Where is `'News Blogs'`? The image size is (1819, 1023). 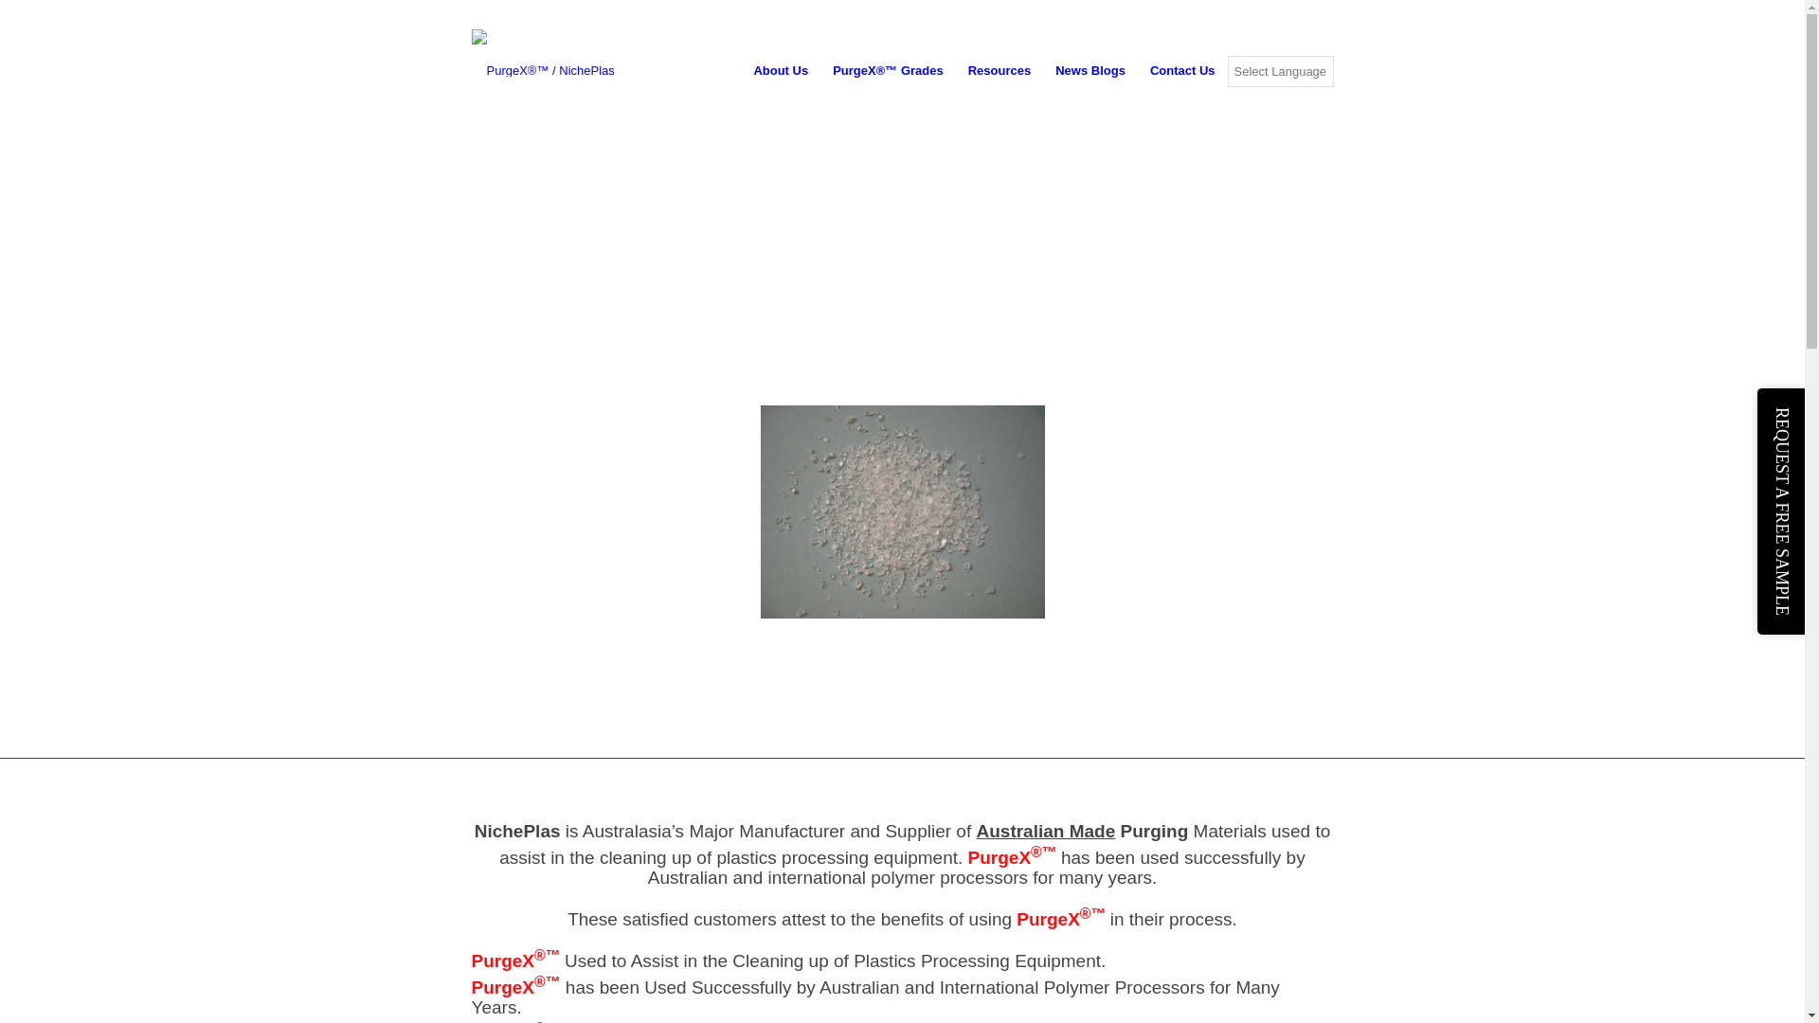 'News Blogs' is located at coordinates (1041, 69).